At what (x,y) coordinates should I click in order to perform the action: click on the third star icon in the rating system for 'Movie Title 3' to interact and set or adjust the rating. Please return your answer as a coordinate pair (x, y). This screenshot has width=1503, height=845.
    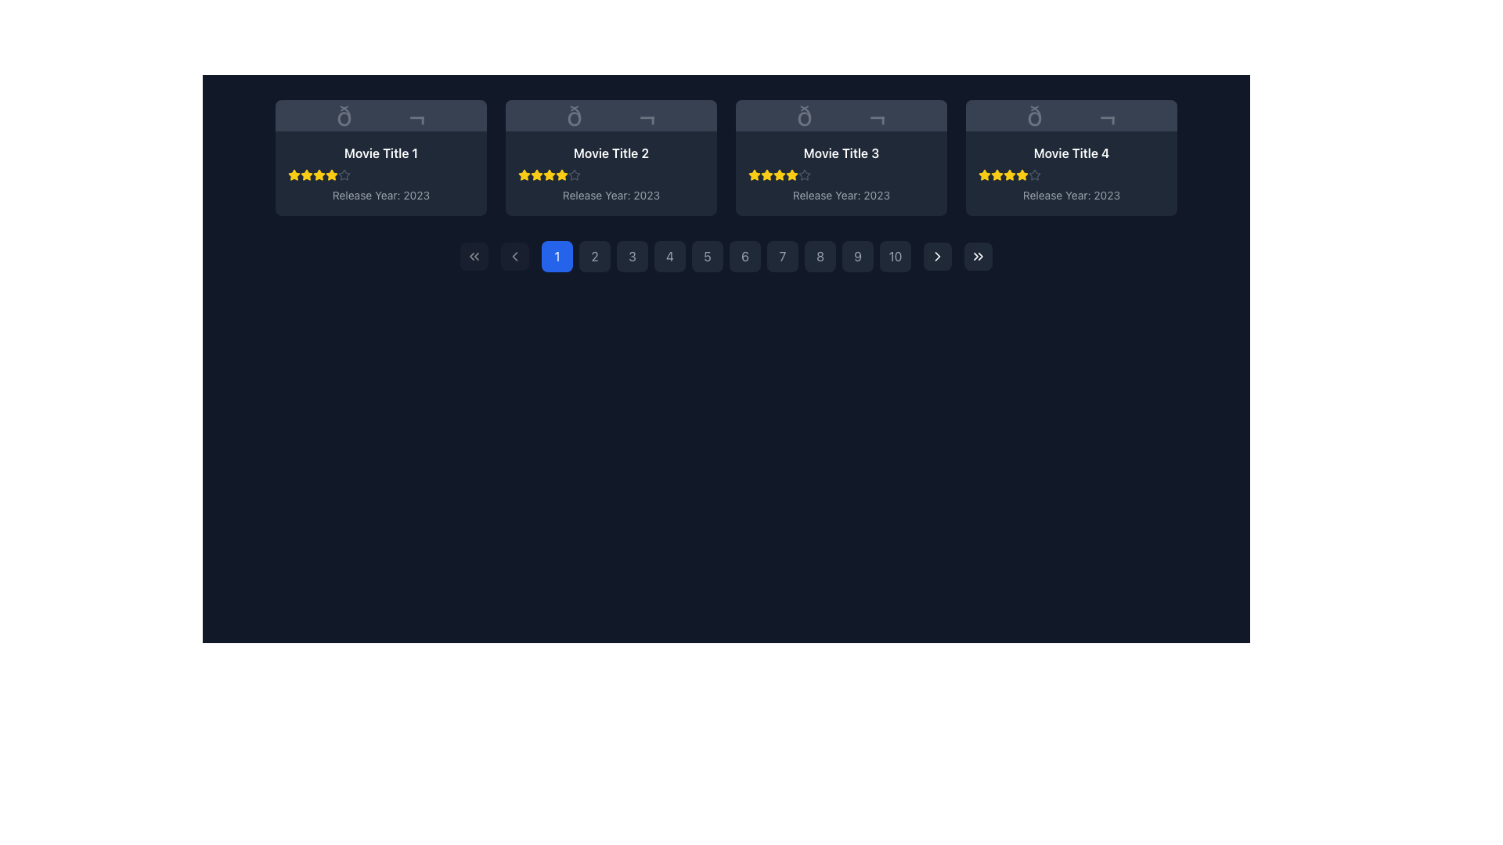
    Looking at the image, I should click on (780, 174).